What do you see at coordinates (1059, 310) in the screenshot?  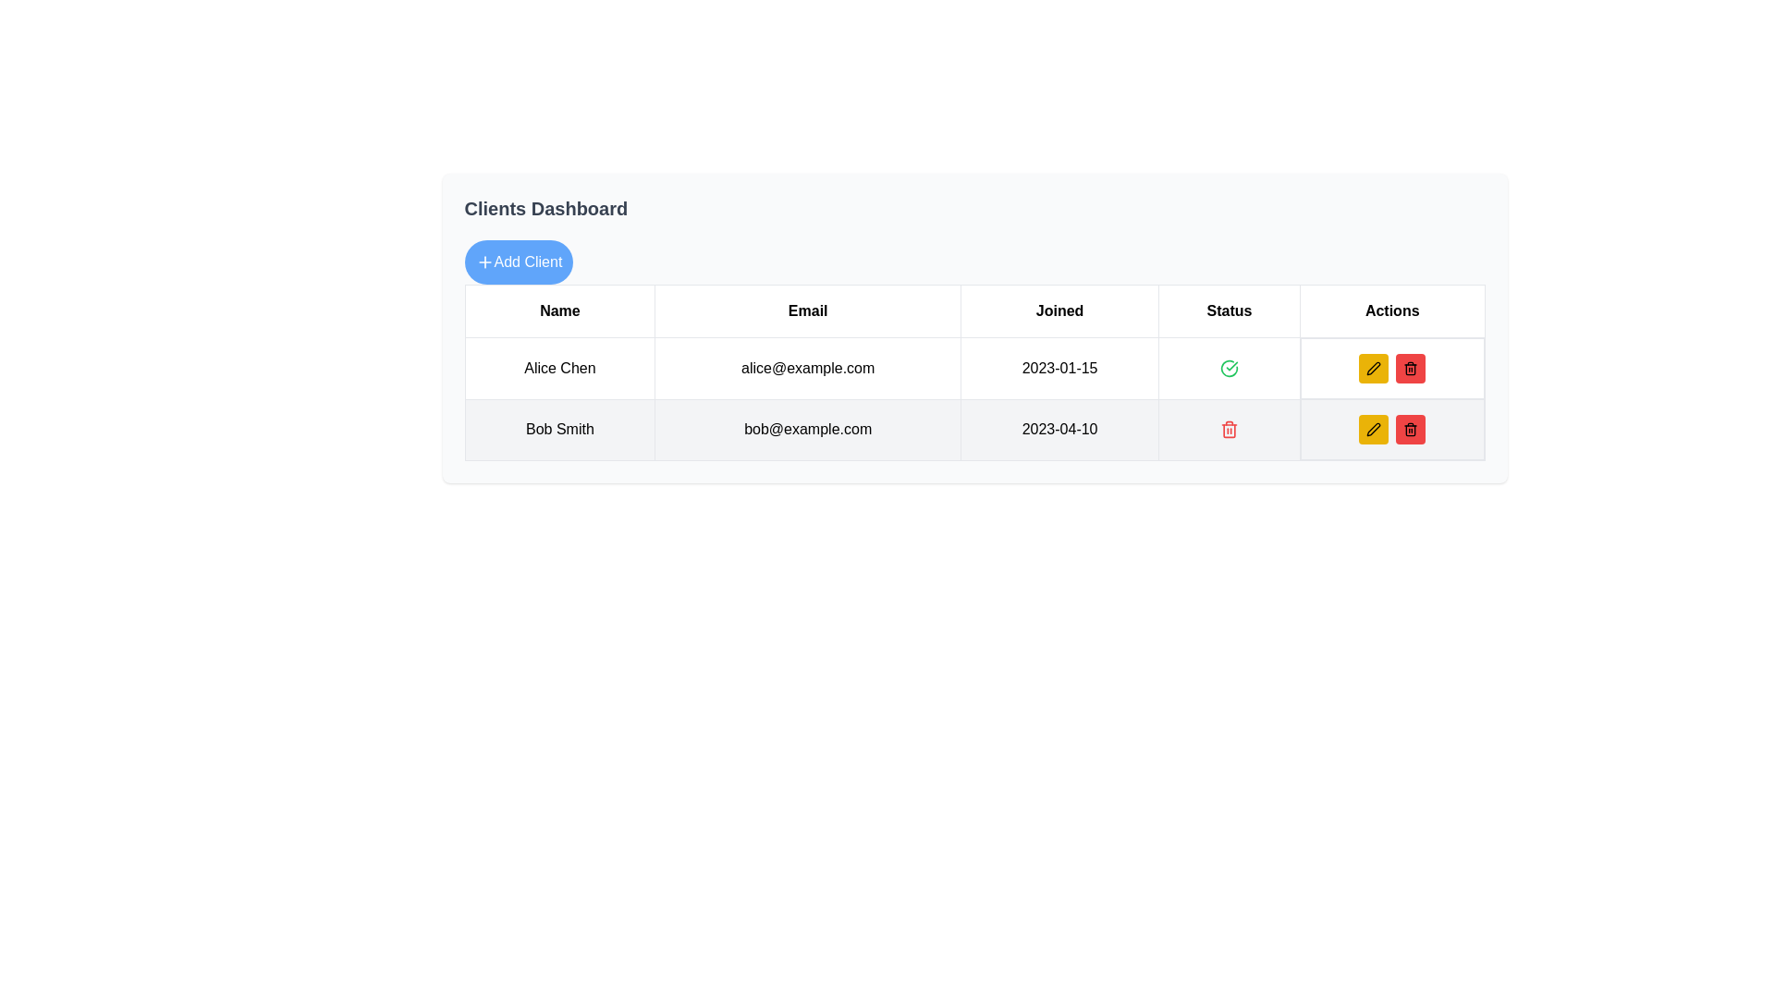 I see `the third column header of the table, which indicates join dates, located between 'Email' and 'Status'` at bounding box center [1059, 310].